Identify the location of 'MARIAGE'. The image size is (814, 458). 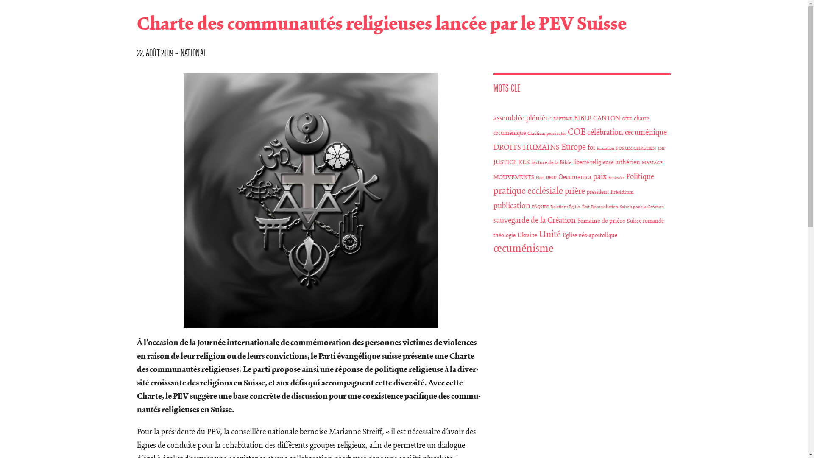
(652, 163).